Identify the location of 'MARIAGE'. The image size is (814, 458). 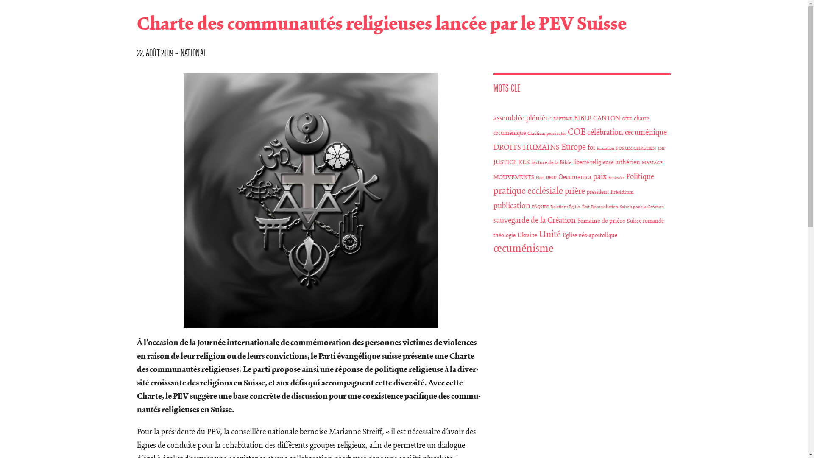
(652, 163).